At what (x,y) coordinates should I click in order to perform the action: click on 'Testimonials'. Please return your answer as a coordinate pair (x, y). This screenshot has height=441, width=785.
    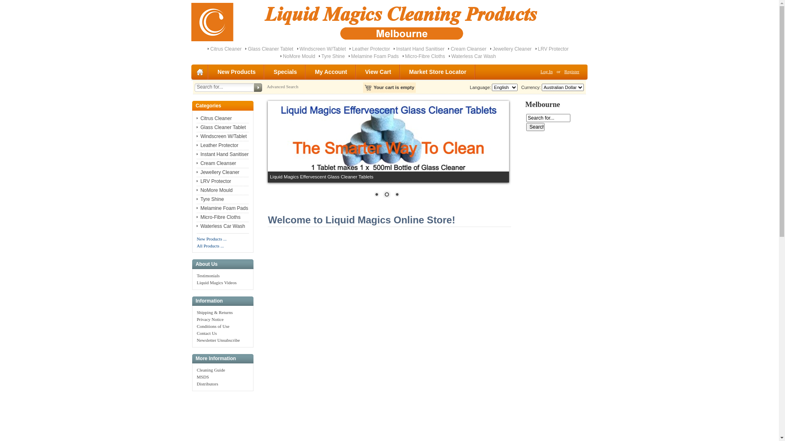
    Looking at the image, I should click on (208, 276).